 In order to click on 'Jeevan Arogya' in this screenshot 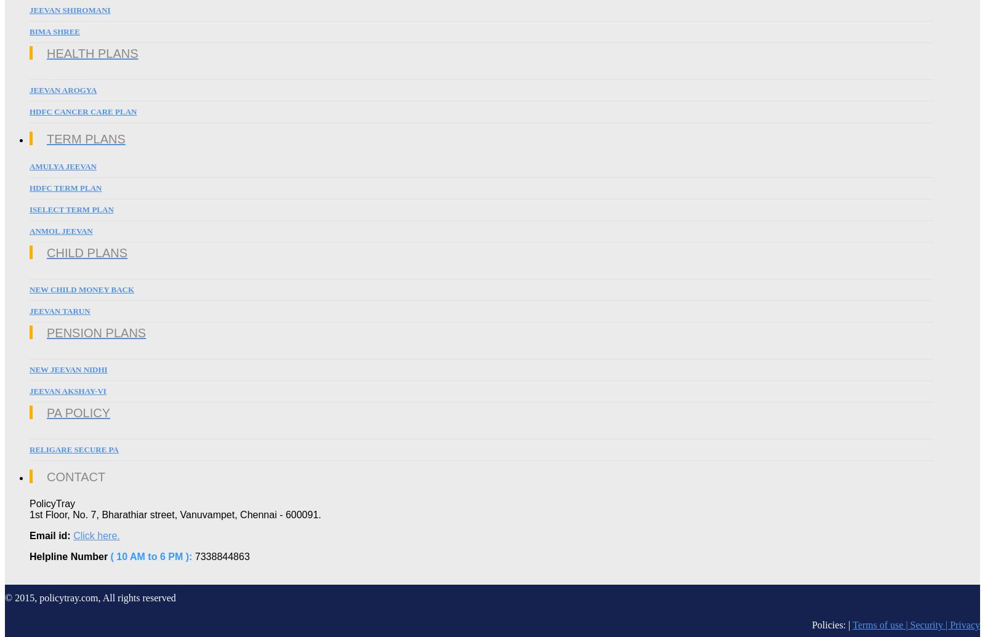, I will do `click(62, 90)`.